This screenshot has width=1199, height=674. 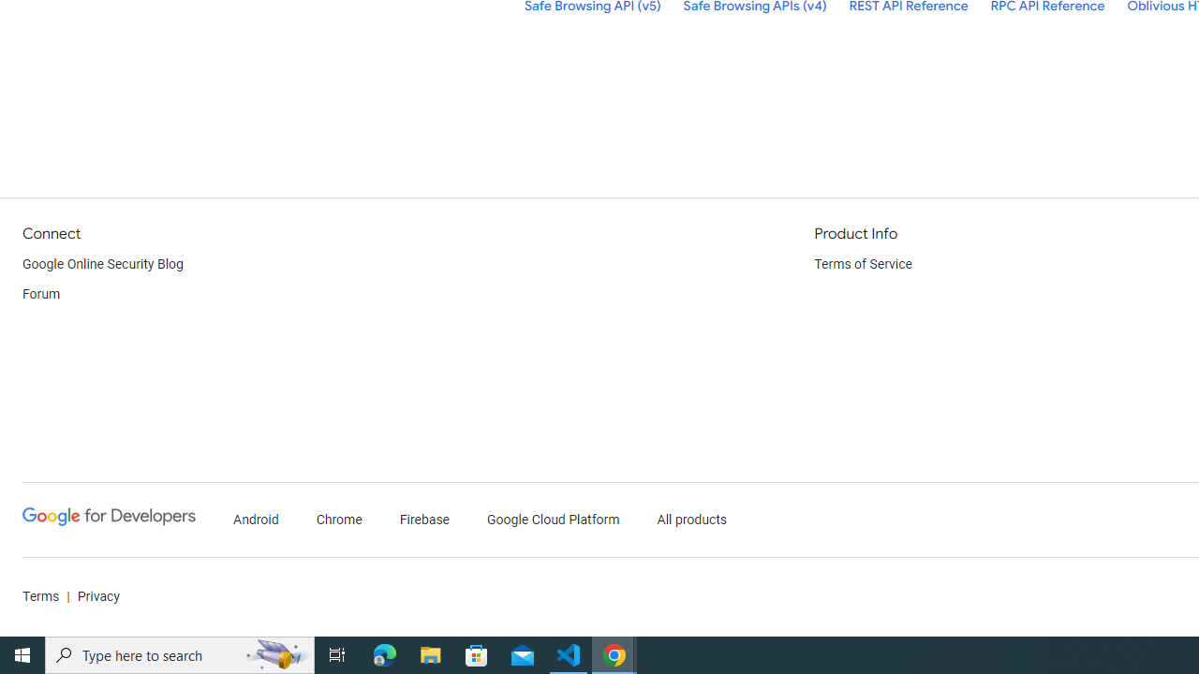 What do you see at coordinates (108, 520) in the screenshot?
I see `'Google Developers'` at bounding box center [108, 520].